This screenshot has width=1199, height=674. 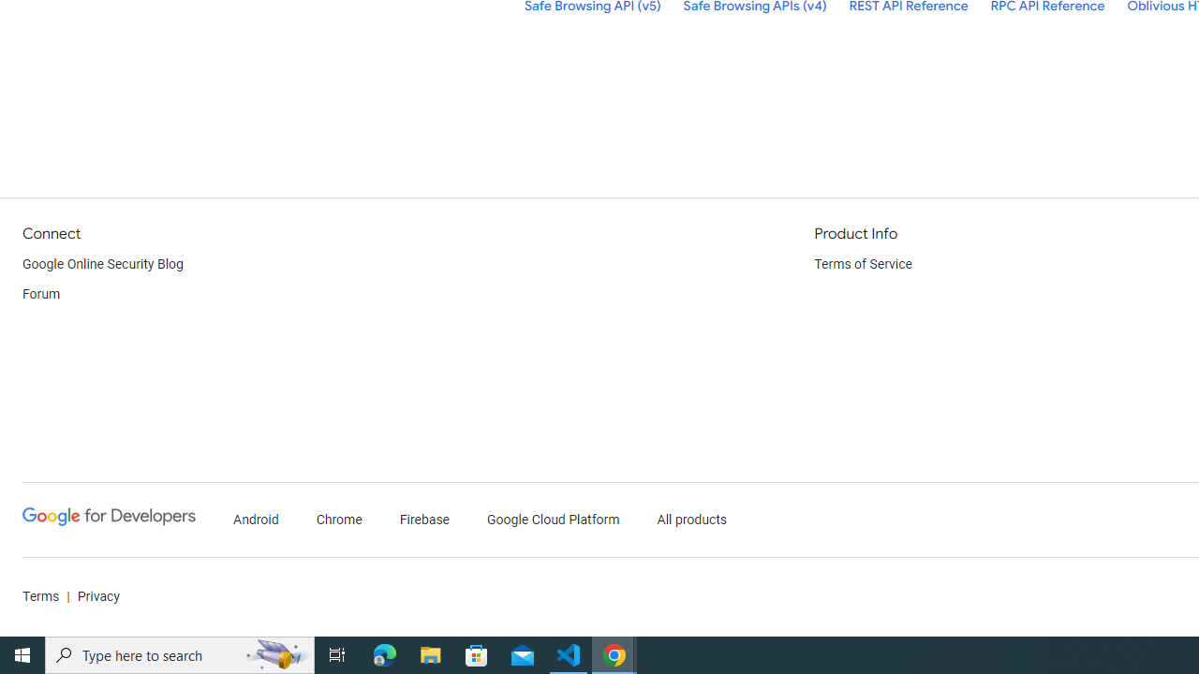 What do you see at coordinates (108, 520) in the screenshot?
I see `'Google Developers'` at bounding box center [108, 520].